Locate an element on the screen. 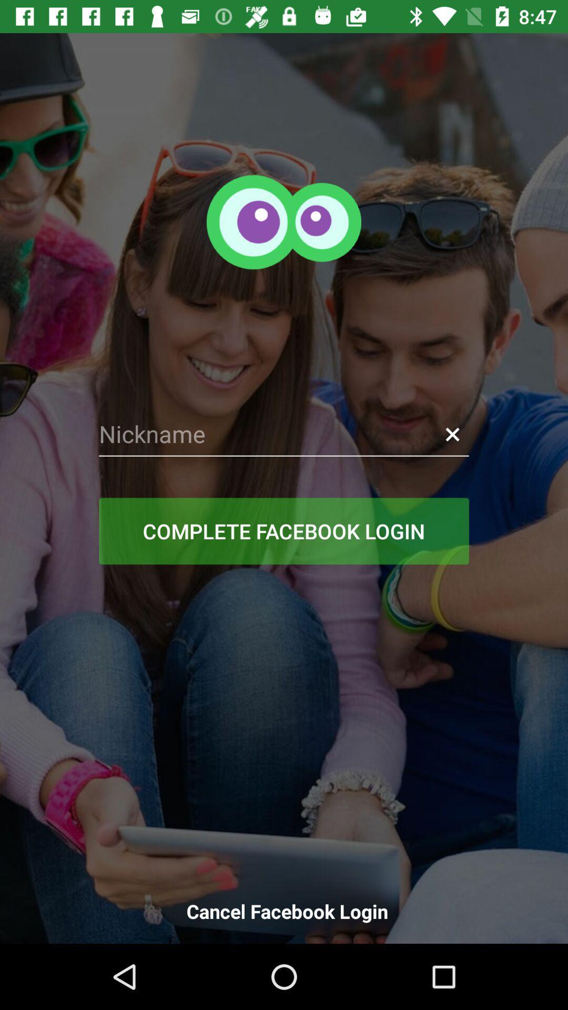 Image resolution: width=568 pixels, height=1010 pixels. item above the complete facebook login is located at coordinates (452, 434).